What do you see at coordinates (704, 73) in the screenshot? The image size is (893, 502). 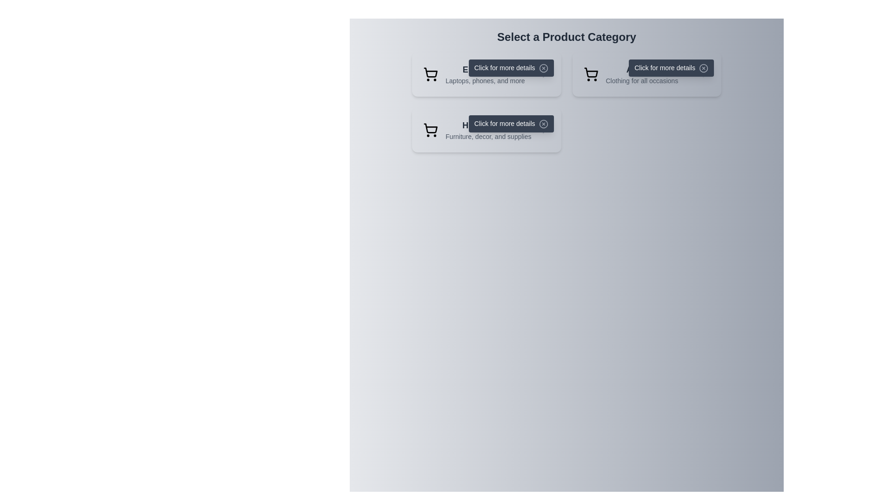 I see `the right-pointing chevron SVG icon located in the top-right category card` at bounding box center [704, 73].